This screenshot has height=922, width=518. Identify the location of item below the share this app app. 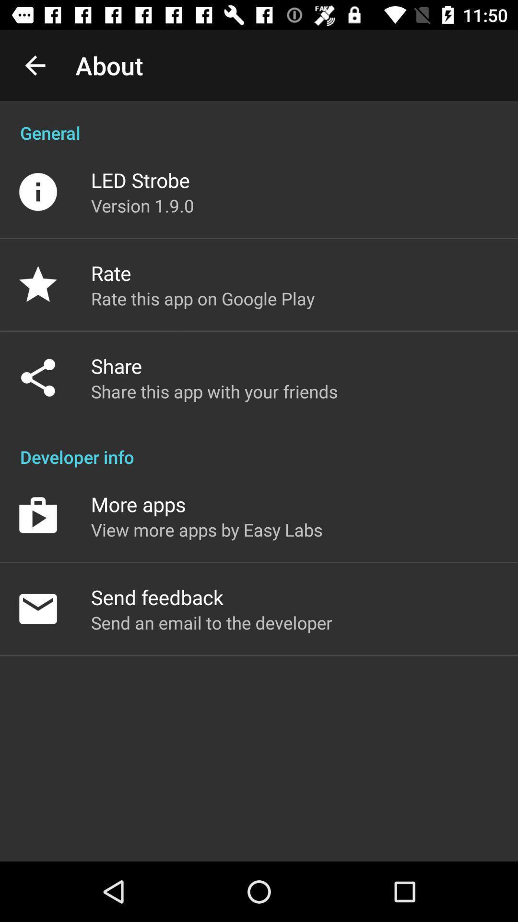
(259, 446).